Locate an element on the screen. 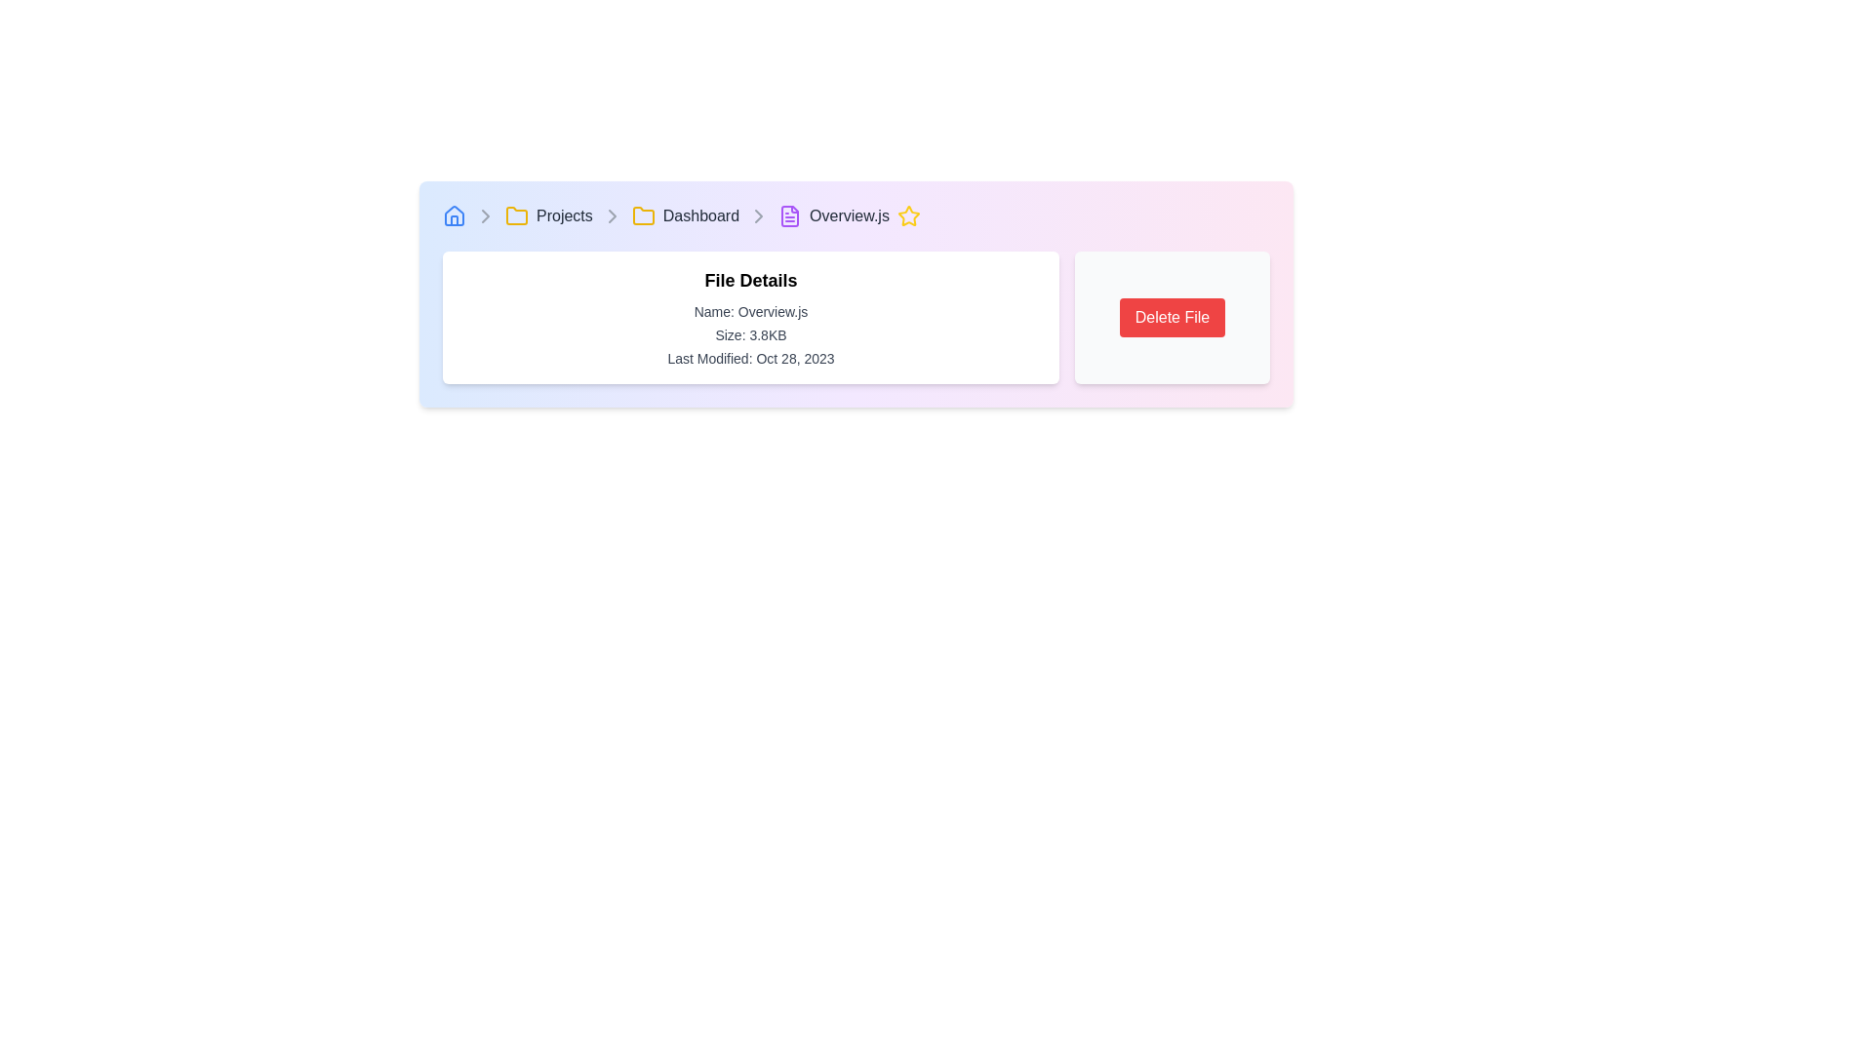 The height and width of the screenshot is (1053, 1873). the small rightward chevron icon in the breadcrumb navigation bar, located between the 'Dashboard' text and the 'Overview.js' file icon is located at coordinates (757, 216).